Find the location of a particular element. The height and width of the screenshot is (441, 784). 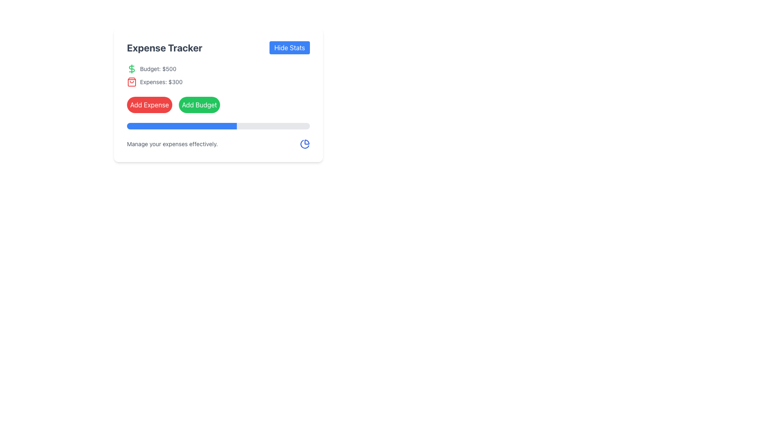

the icon representing expenses, located to the left of the text 'Expenses: $300' is located at coordinates (131, 82).